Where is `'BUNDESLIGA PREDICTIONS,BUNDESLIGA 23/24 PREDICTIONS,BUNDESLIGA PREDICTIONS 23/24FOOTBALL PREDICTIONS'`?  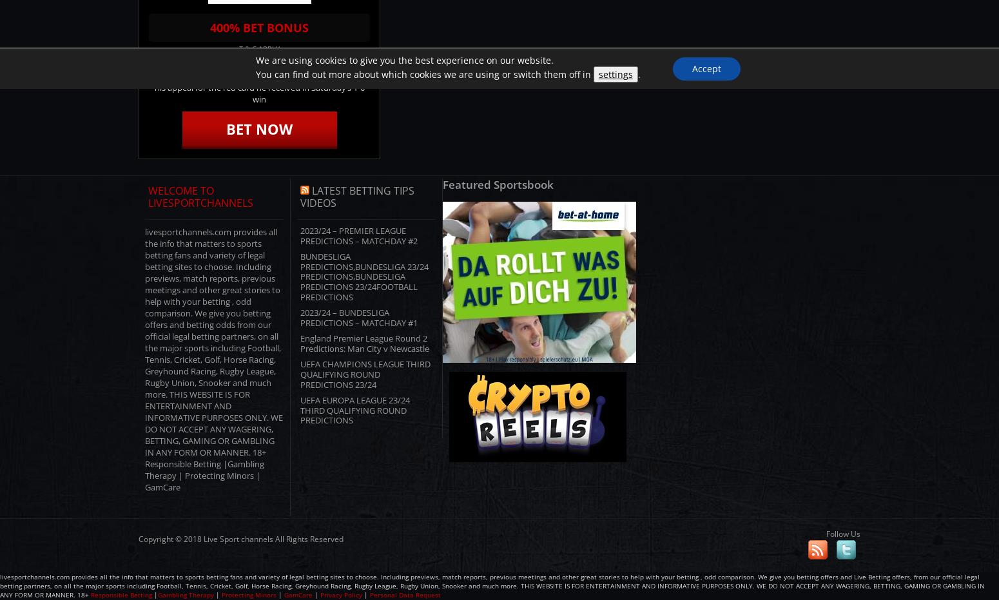
'BUNDESLIGA PREDICTIONS,BUNDESLIGA 23/24 PREDICTIONS,BUNDESLIGA PREDICTIONS 23/24FOOTBALL PREDICTIONS' is located at coordinates (364, 276).